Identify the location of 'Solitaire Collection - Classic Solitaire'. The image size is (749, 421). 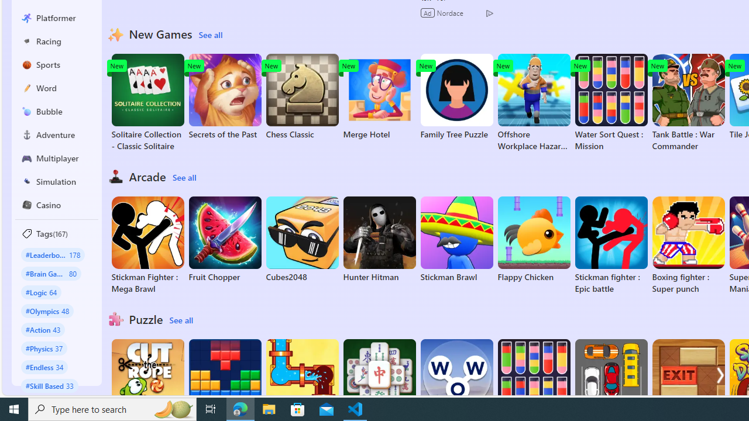
(147, 102).